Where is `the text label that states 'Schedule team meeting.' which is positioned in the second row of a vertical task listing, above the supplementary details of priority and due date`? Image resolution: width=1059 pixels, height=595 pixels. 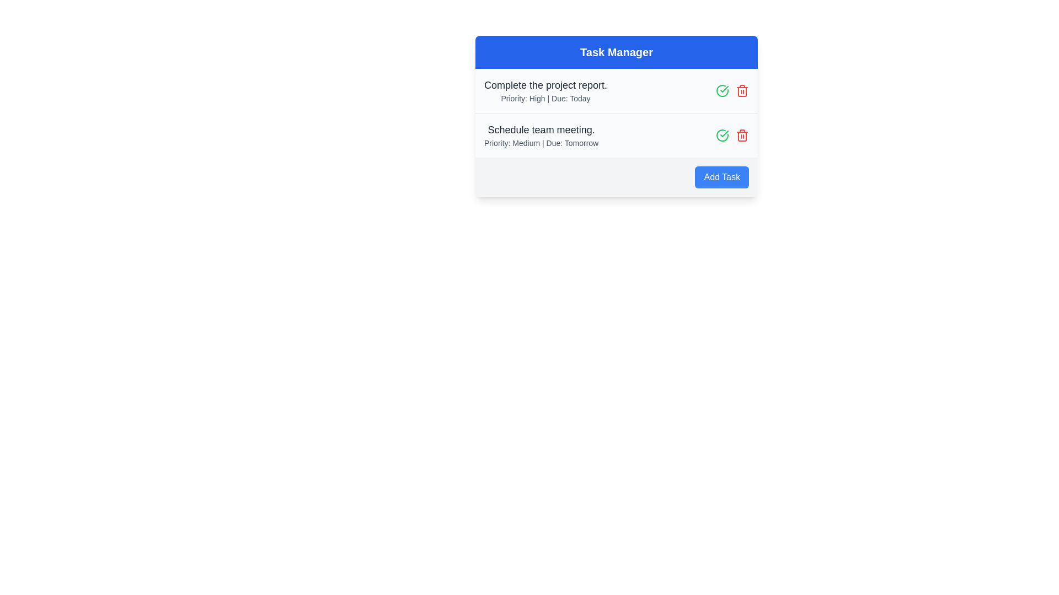 the text label that states 'Schedule team meeting.' which is positioned in the second row of a vertical task listing, above the supplementary details of priority and due date is located at coordinates (541, 129).